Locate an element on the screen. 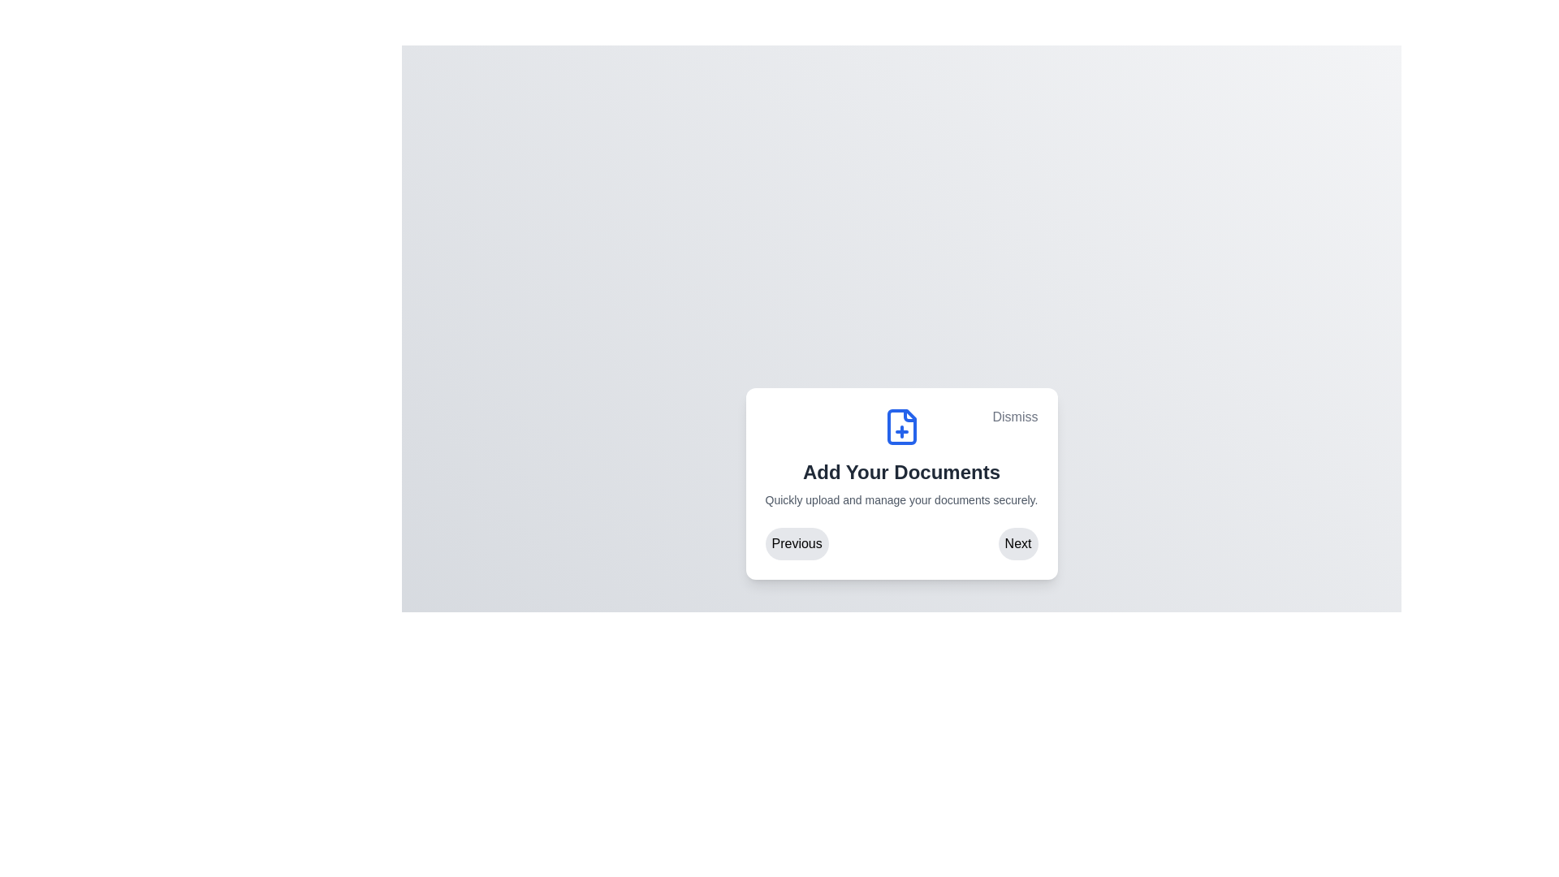  the document upload icon located above the 'Add Your Documents' title in the modal dialog box is located at coordinates (900, 426).